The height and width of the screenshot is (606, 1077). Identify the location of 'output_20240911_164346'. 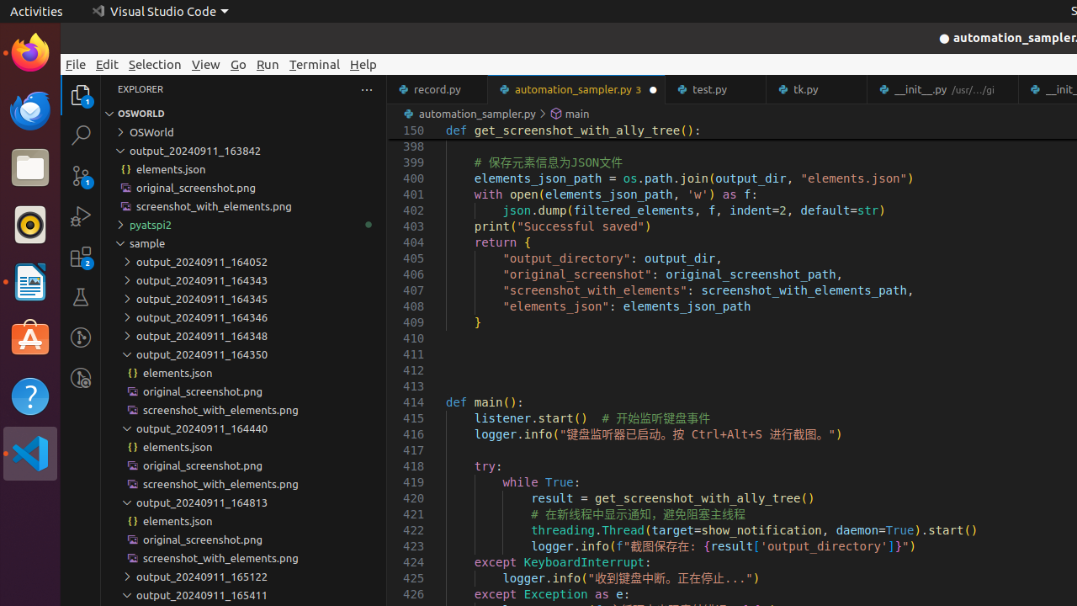
(242, 316).